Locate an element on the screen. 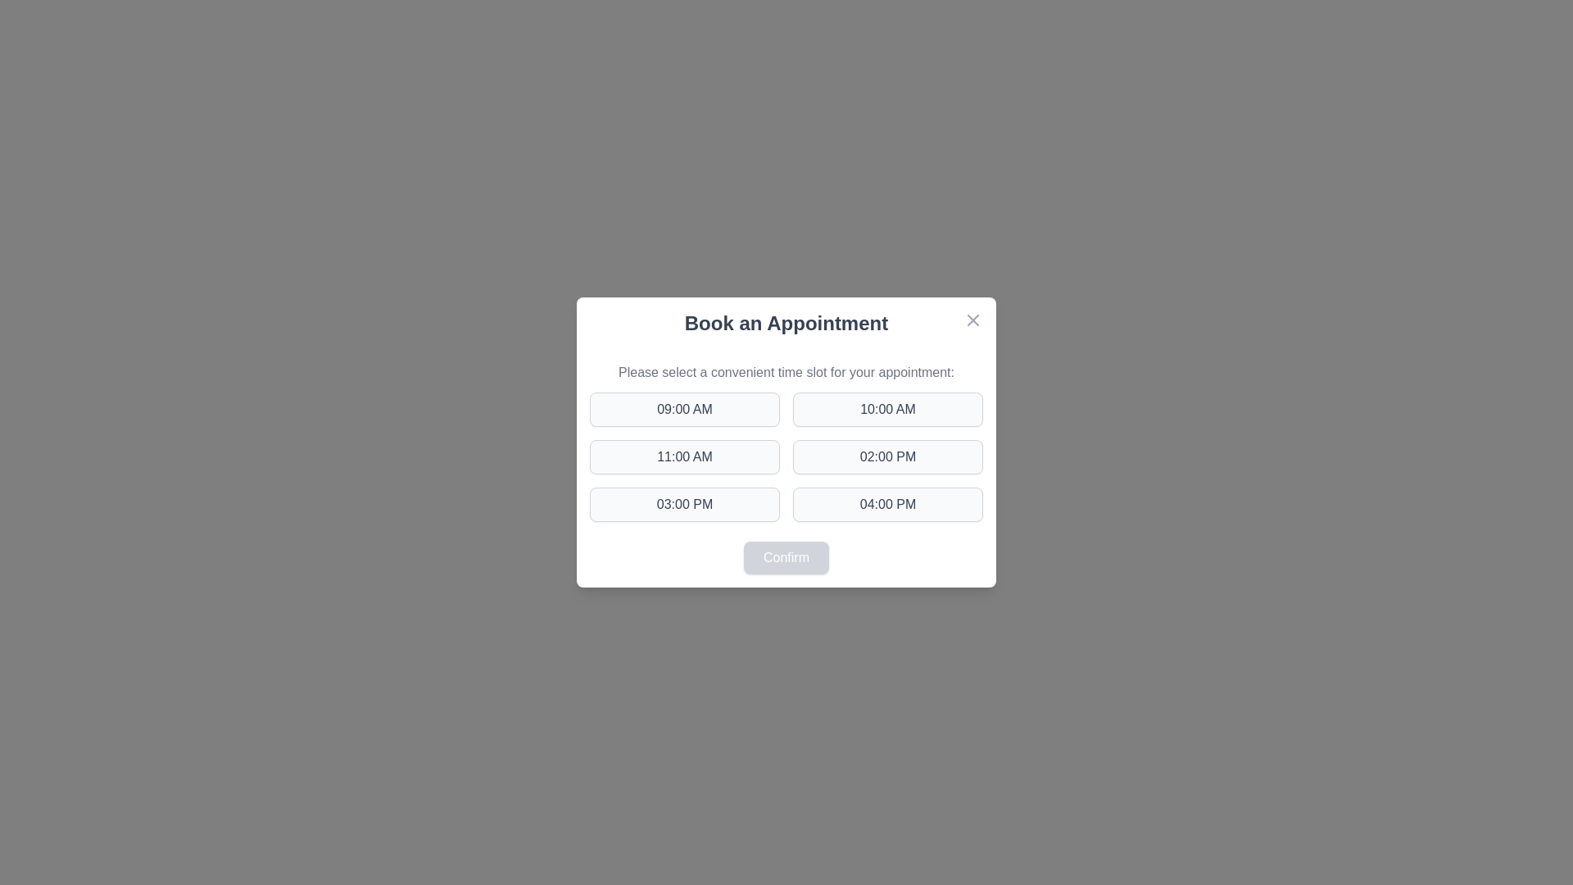 Image resolution: width=1573 pixels, height=885 pixels. the time slot button labeled 02:00 PM is located at coordinates (887, 457).